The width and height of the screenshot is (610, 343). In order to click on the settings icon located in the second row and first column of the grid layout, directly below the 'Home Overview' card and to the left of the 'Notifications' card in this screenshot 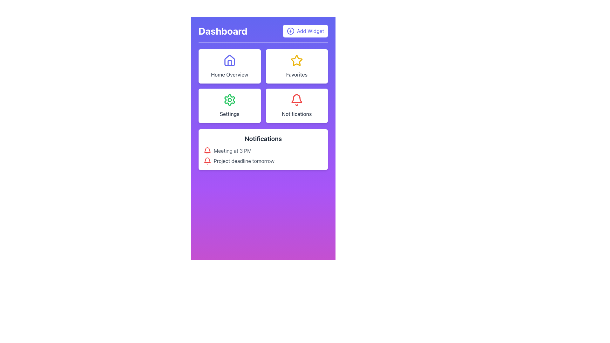, I will do `click(229, 100)`.